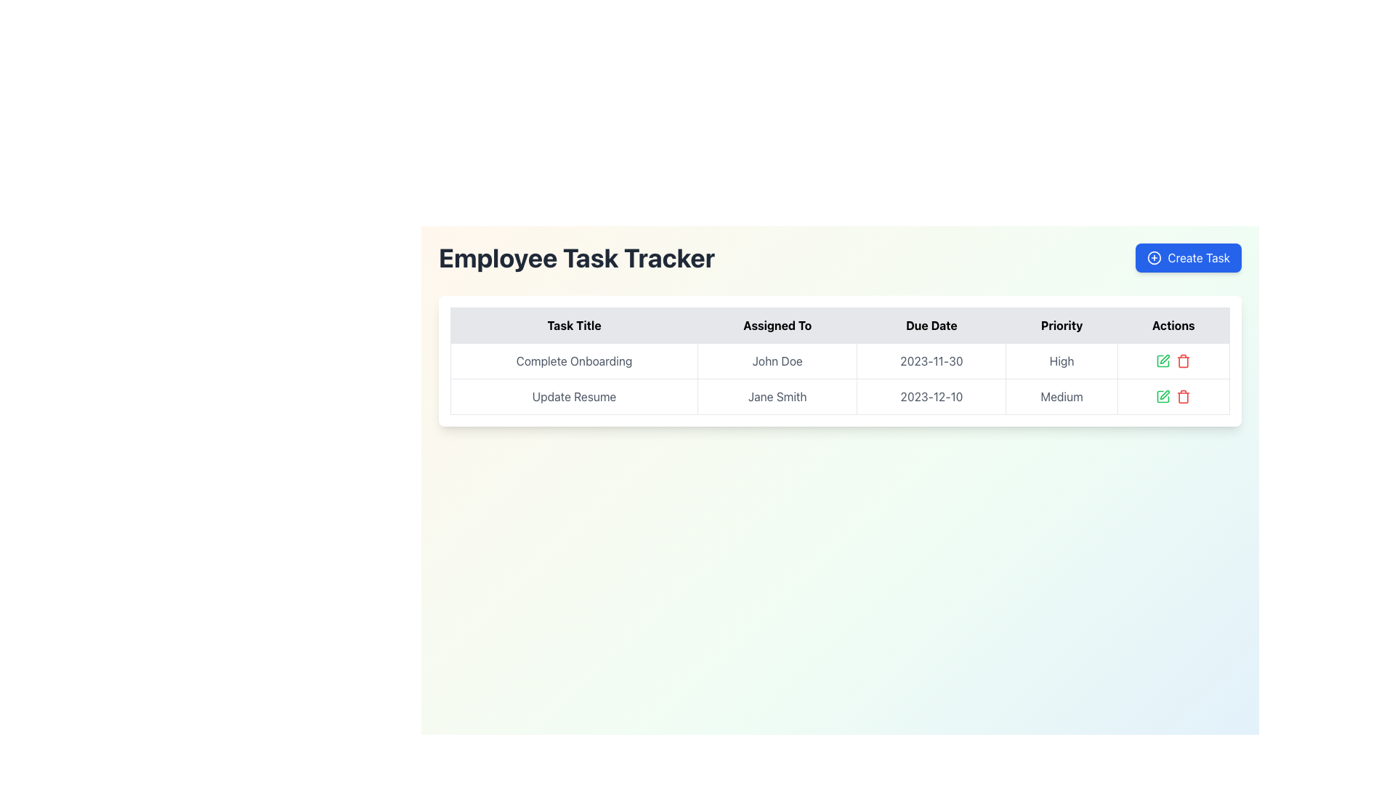 This screenshot has height=785, width=1395. What do you see at coordinates (1173, 324) in the screenshot?
I see `the Table Header labeled 'Actions', which is the fifth column header in a table header row with a light gray background and bold font` at bounding box center [1173, 324].